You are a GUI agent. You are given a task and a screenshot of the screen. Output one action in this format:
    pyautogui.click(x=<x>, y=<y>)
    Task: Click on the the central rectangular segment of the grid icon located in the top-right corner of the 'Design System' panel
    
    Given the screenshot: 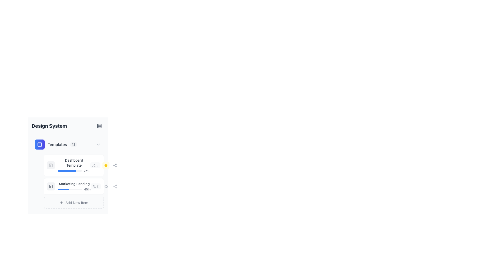 What is the action you would take?
    pyautogui.click(x=99, y=125)
    